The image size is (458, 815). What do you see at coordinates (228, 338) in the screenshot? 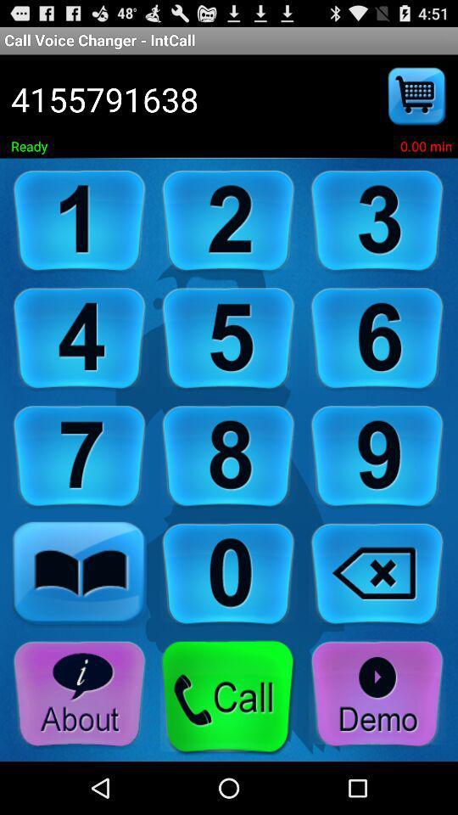
I see `dial the number five` at bounding box center [228, 338].